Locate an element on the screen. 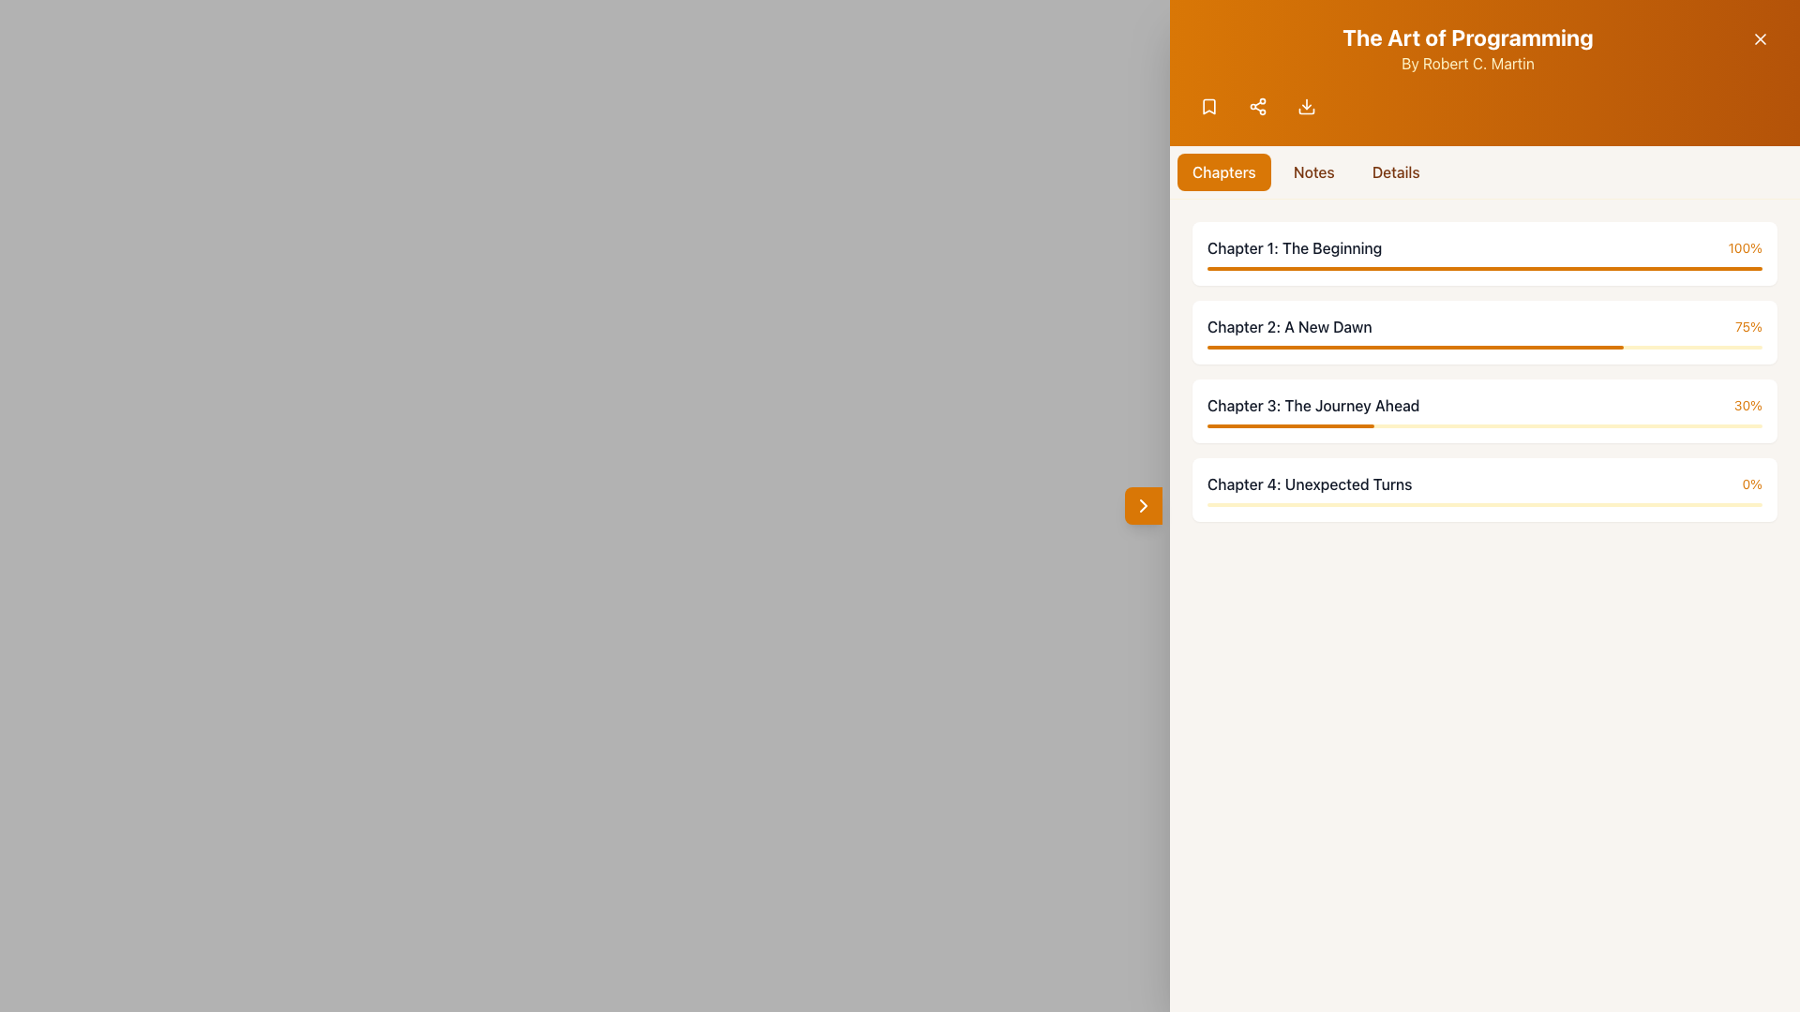  the Progress Bar that visually represents 100% completion for 'Chapter 1: The Beginning', positioned beneath the chapter title and associated text is located at coordinates (1484, 268).